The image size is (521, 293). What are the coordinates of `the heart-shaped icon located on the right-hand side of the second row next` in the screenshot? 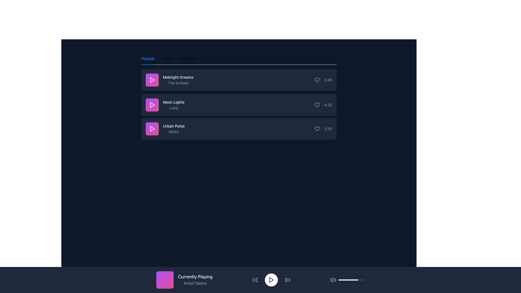 It's located at (317, 105).